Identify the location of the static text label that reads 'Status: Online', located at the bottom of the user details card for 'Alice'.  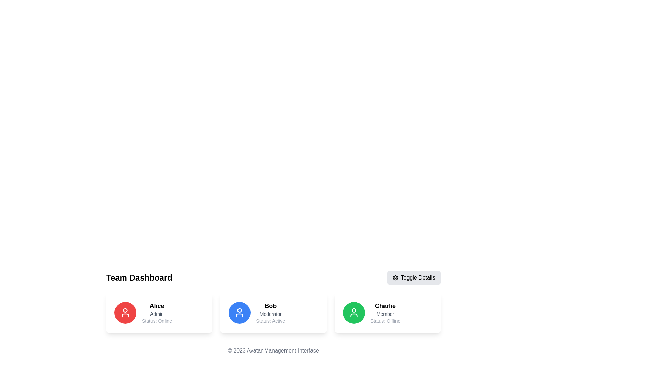
(156, 321).